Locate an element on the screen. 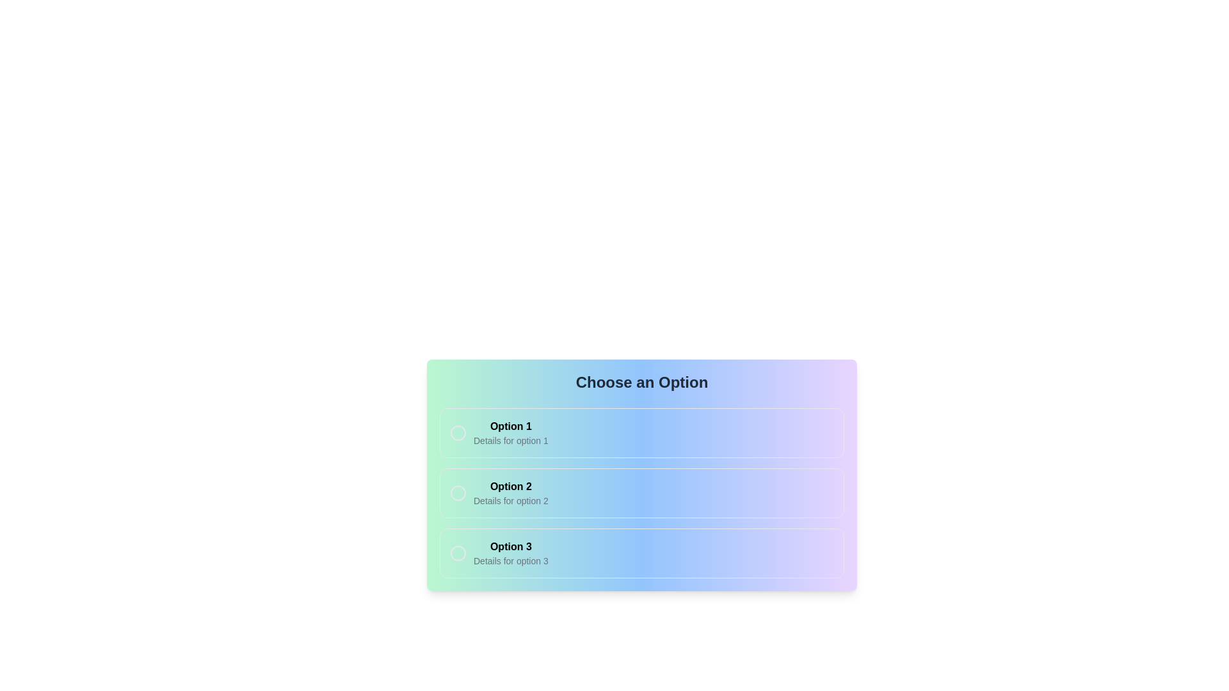 The height and width of the screenshot is (691, 1229). the second selectable option in the list is located at coordinates (642, 502).